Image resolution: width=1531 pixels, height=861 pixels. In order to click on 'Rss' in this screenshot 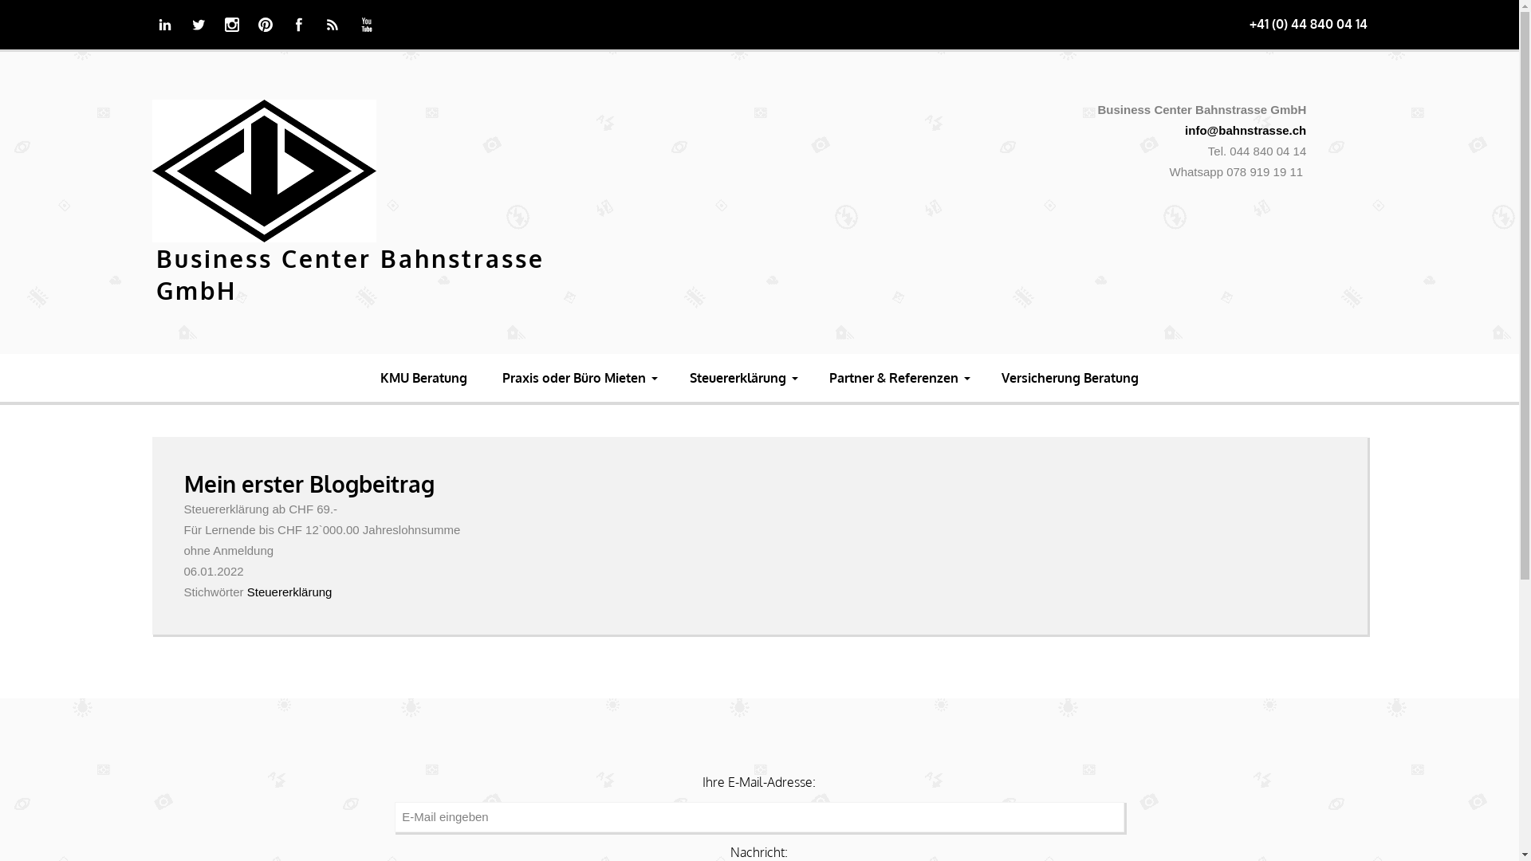, I will do `click(332, 24)`.